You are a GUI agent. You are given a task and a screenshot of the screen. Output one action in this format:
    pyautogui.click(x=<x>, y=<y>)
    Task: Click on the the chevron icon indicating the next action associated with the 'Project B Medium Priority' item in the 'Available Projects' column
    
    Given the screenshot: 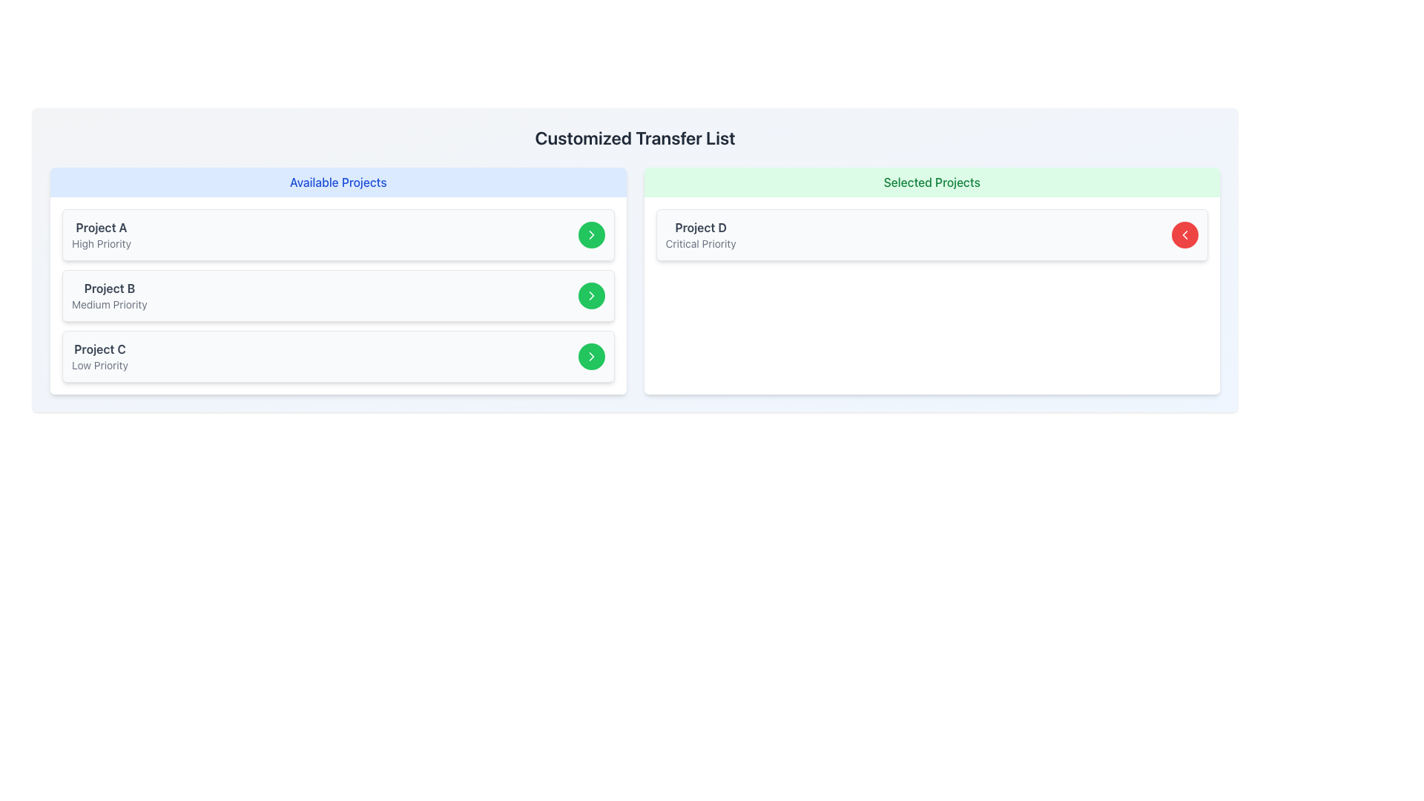 What is the action you would take?
    pyautogui.click(x=590, y=234)
    